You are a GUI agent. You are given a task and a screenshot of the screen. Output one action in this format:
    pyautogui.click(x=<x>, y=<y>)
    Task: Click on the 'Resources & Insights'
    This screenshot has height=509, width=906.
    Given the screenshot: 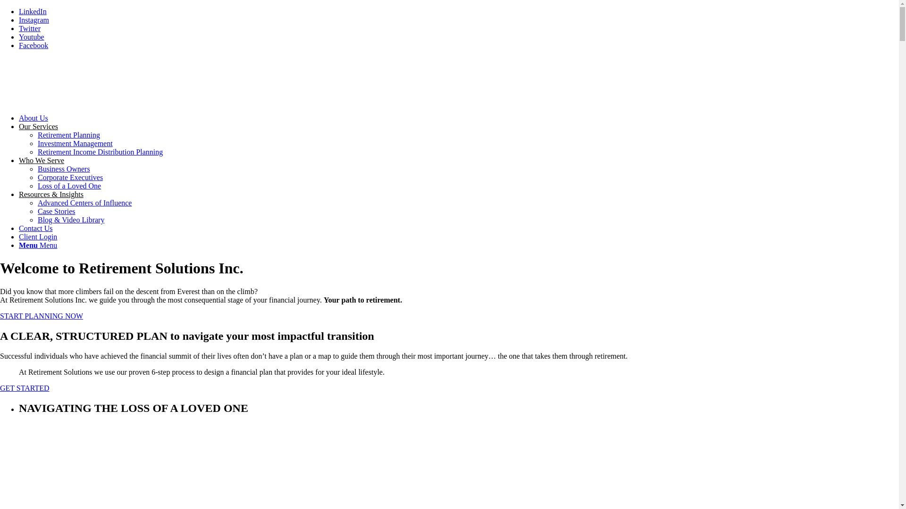 What is the action you would take?
    pyautogui.click(x=50, y=194)
    